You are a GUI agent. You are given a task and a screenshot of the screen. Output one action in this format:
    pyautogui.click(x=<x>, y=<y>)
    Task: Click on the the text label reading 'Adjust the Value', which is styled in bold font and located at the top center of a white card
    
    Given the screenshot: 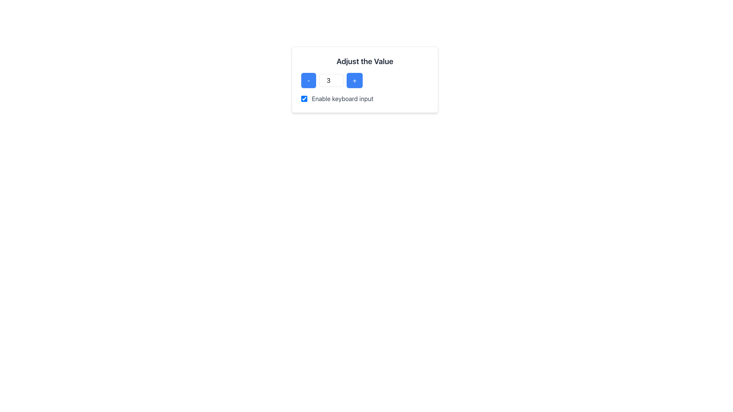 What is the action you would take?
    pyautogui.click(x=364, y=61)
    